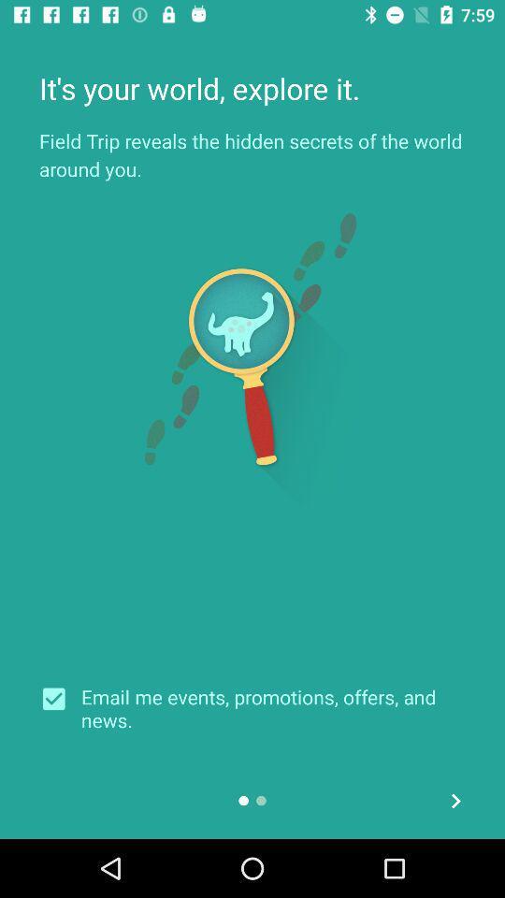  Describe the element at coordinates (60, 698) in the screenshot. I see `the icon next to the email me events` at that location.